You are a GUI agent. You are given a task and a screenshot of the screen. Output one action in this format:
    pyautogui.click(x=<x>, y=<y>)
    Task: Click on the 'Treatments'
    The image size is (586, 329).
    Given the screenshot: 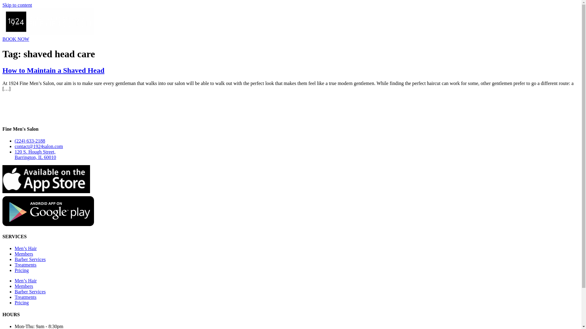 What is the action you would take?
    pyautogui.click(x=15, y=264)
    